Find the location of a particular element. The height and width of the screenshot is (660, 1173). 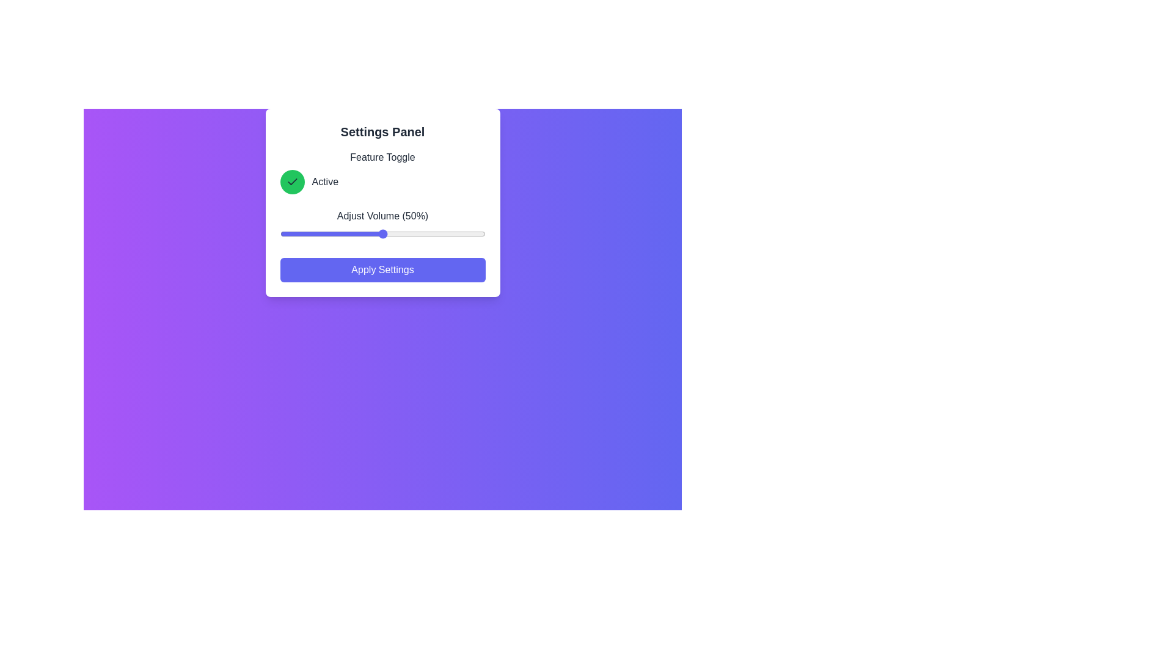

the static text header or label at the top of the Settings Panel, which indicates the panel's purpose to the user is located at coordinates (382, 132).